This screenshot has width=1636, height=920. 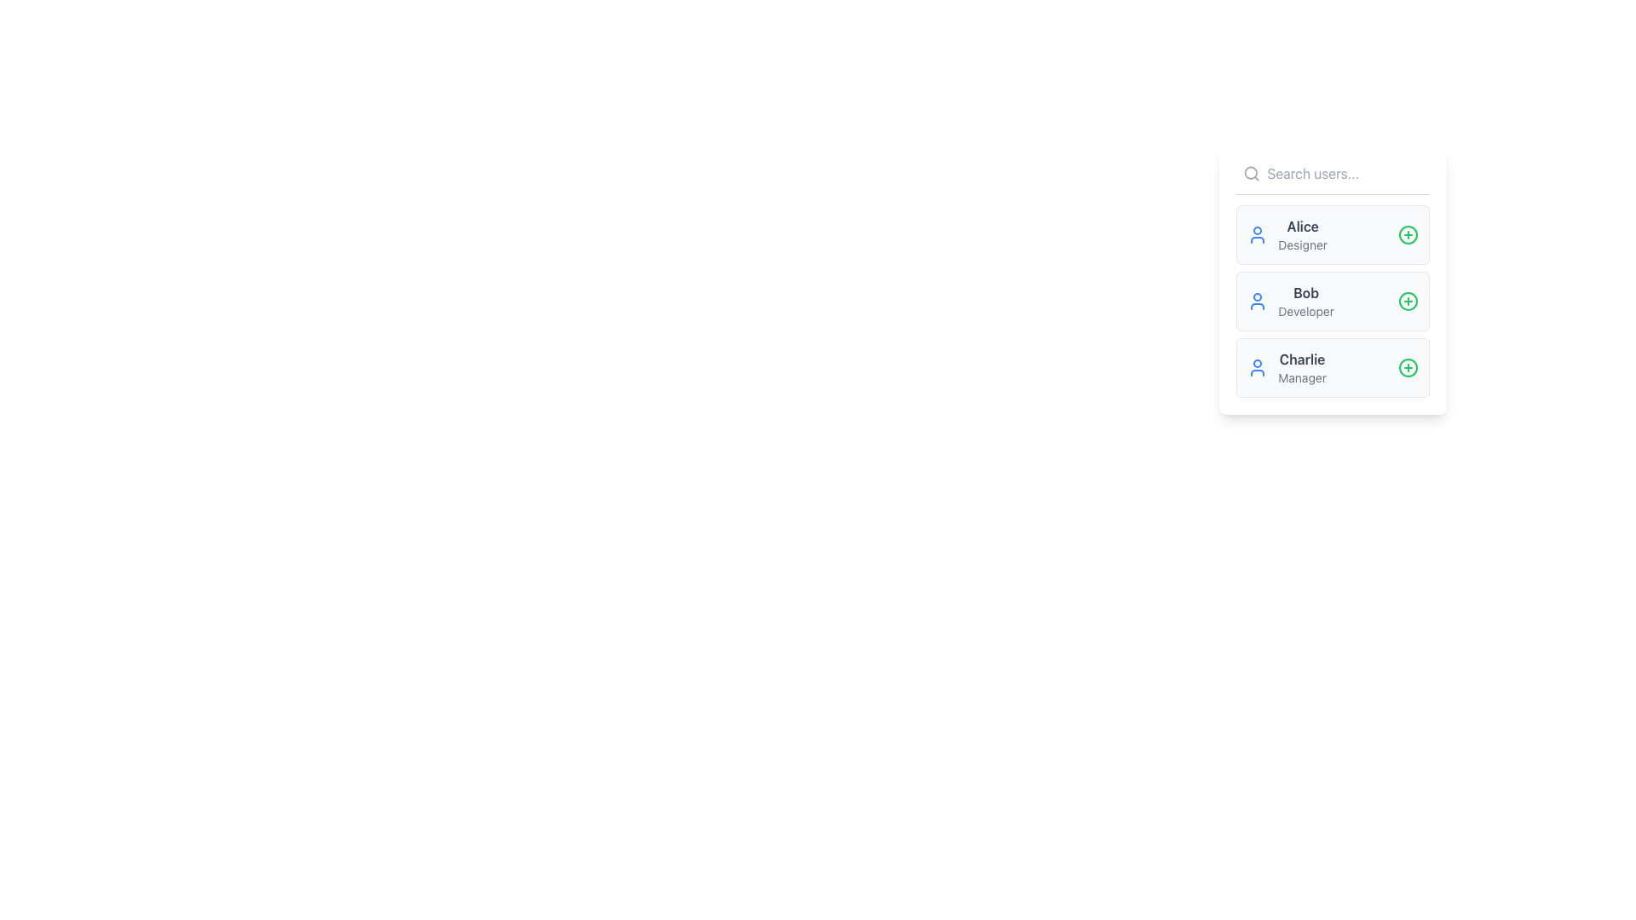 What do you see at coordinates (1302, 235) in the screenshot?
I see `text label displaying the name 'Alice' and the role 'Designer' located in the topmost user entry of the list in the right-hand panel` at bounding box center [1302, 235].